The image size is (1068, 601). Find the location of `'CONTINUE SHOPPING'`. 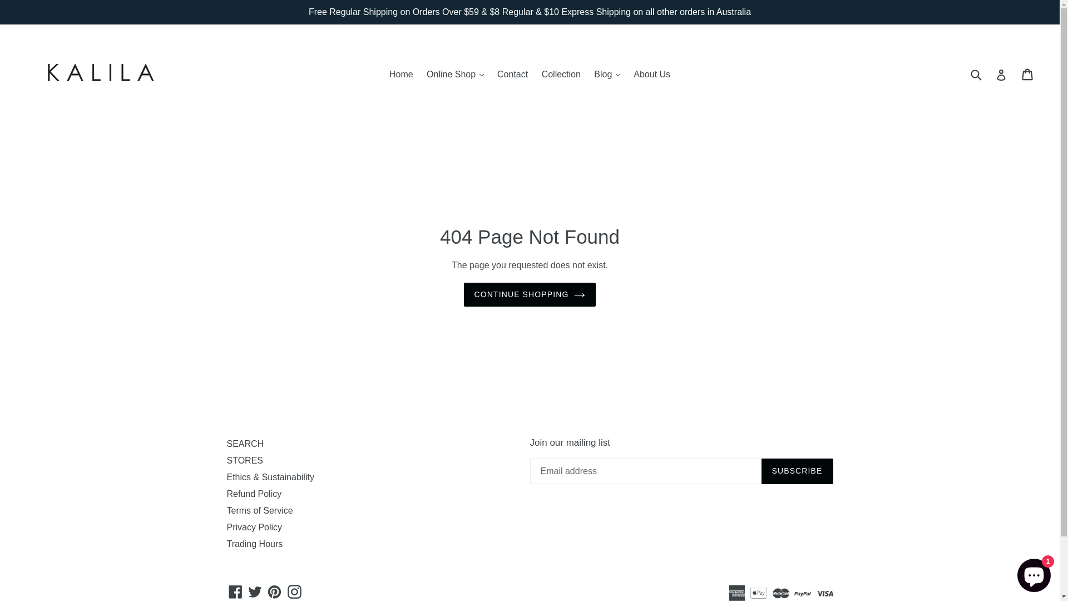

'CONTINUE SHOPPING' is located at coordinates (530, 294).